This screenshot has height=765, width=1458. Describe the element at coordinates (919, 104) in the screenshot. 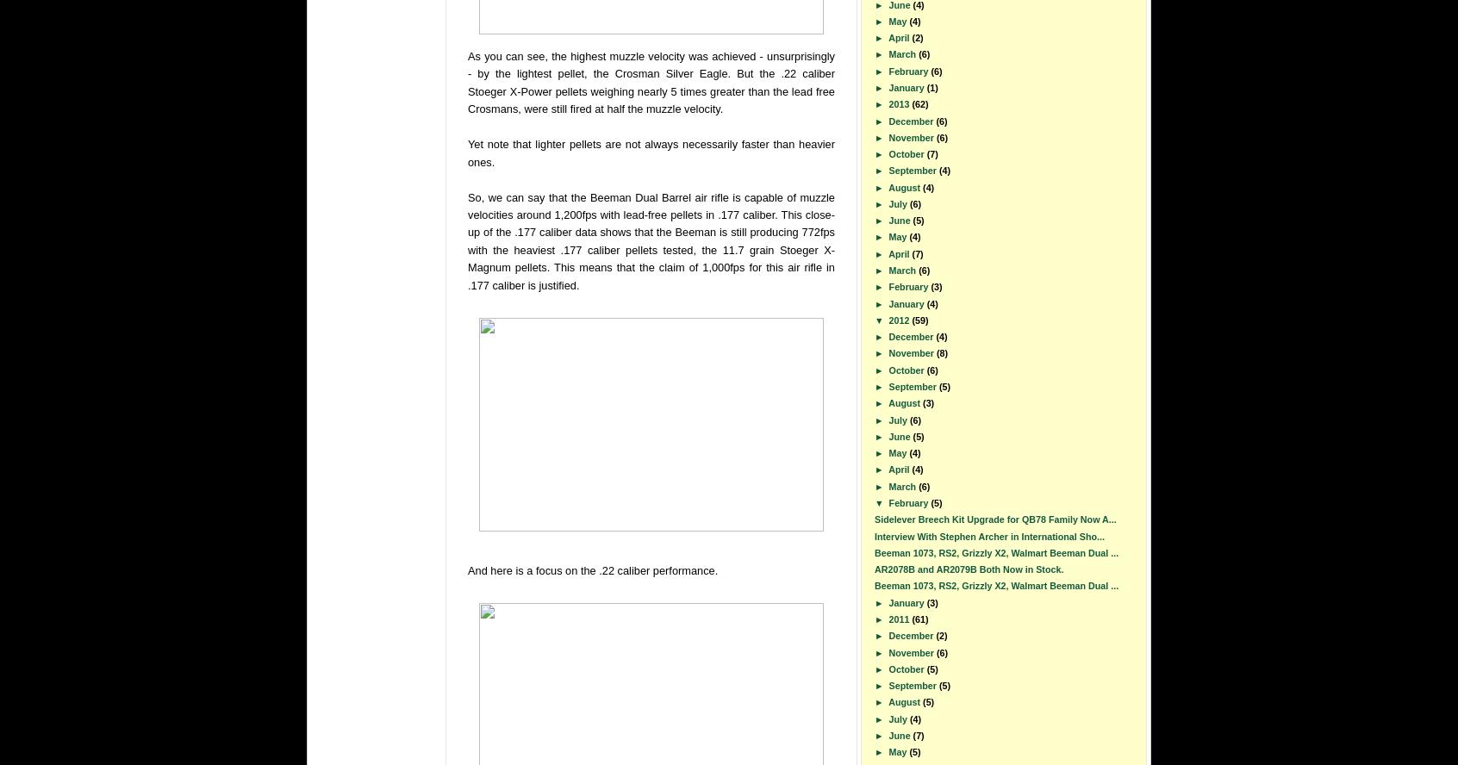

I see `'(62)'` at that location.